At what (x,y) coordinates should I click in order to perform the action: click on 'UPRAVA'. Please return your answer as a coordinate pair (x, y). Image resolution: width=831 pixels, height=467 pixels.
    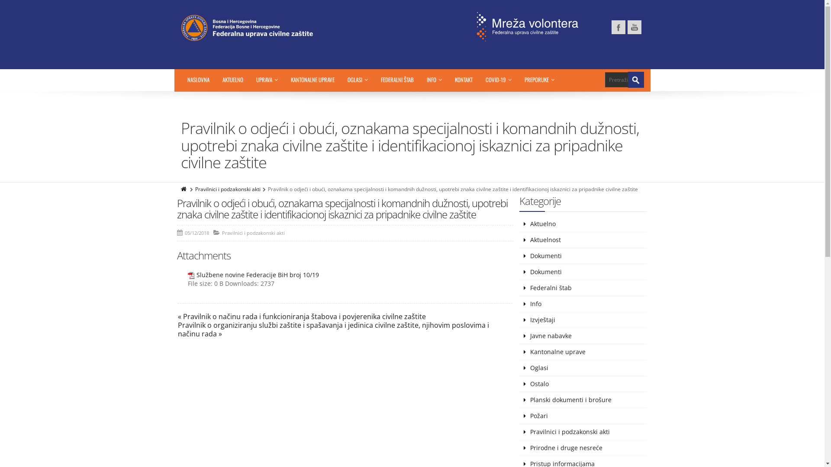
    Looking at the image, I should click on (266, 80).